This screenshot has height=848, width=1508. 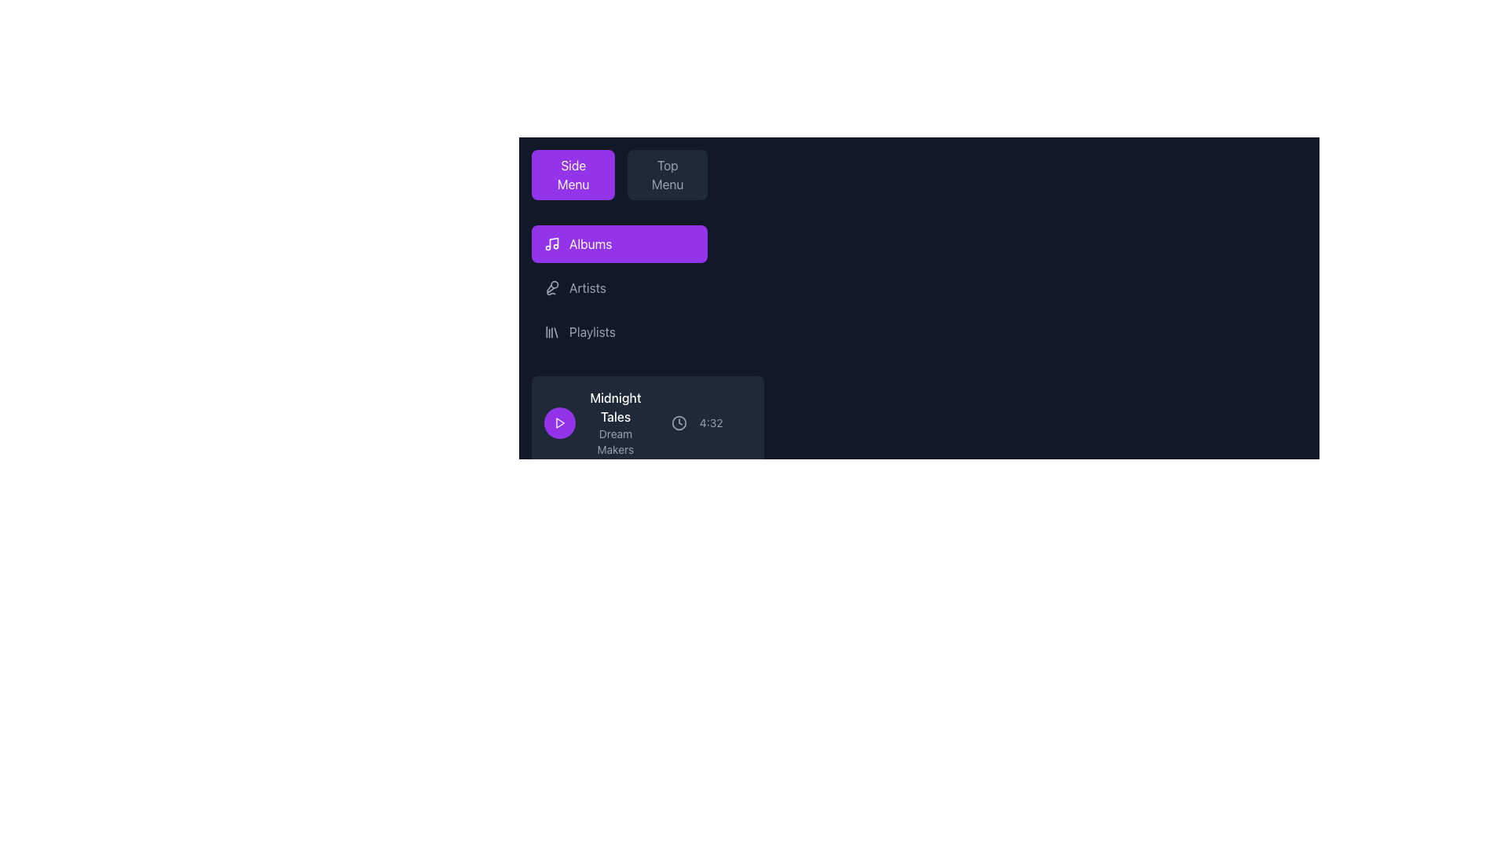 I want to click on the 'Albums' button in the sidebar navigation which contains the white musical note icon on a purple background, so click(x=551, y=244).